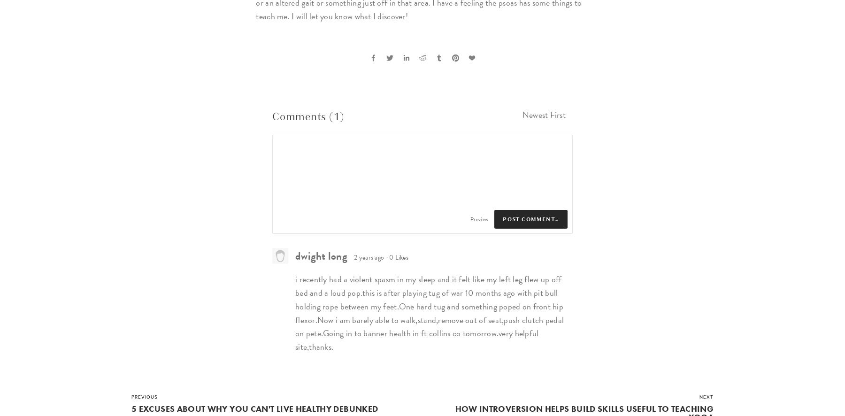 The image size is (845, 416). What do you see at coordinates (254, 408) in the screenshot?
I see `'5 Excuses About Why You Can't Live Healthy DEBUNKED'` at bounding box center [254, 408].